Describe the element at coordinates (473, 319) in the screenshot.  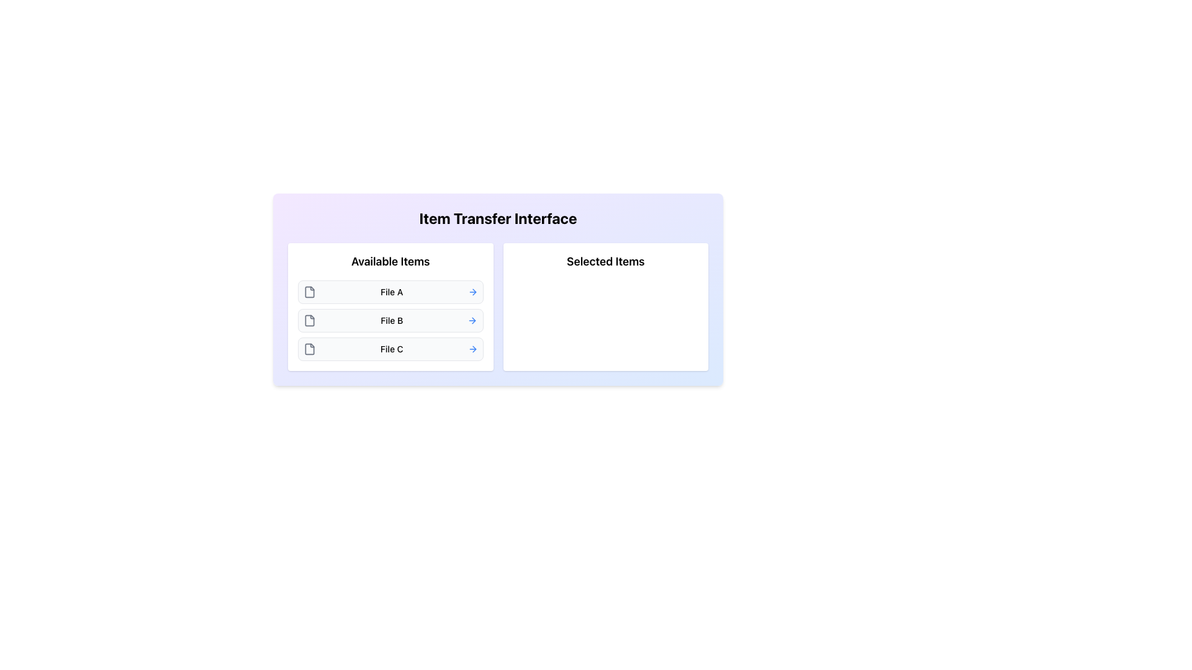
I see `the button icon for 'File B' in the second row of the 'Available Items' section` at that location.